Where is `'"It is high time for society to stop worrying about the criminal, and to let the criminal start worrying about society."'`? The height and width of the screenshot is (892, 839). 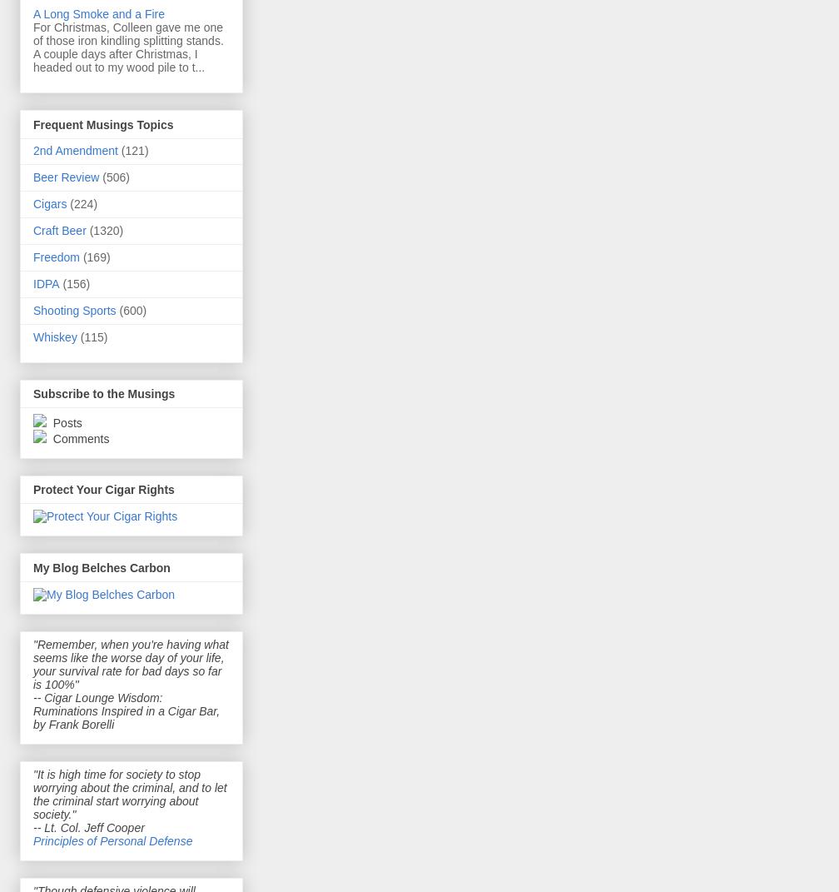
'"It is high time for society to stop worrying about the criminal, and to let the criminal start worrying about society."' is located at coordinates (130, 792).